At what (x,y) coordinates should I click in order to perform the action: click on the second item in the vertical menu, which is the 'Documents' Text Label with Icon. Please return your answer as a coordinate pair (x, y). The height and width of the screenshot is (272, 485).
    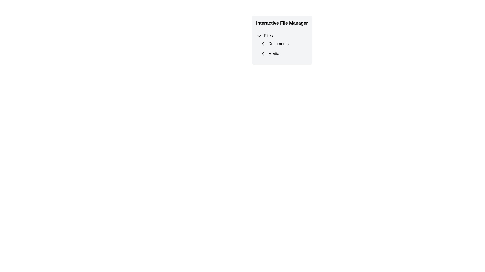
    Looking at the image, I should click on (282, 43).